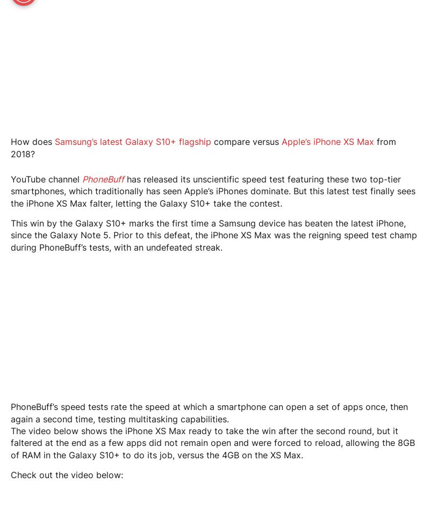 This screenshot has height=520, width=430. What do you see at coordinates (66, 474) in the screenshot?
I see `'Check out the video below:'` at bounding box center [66, 474].